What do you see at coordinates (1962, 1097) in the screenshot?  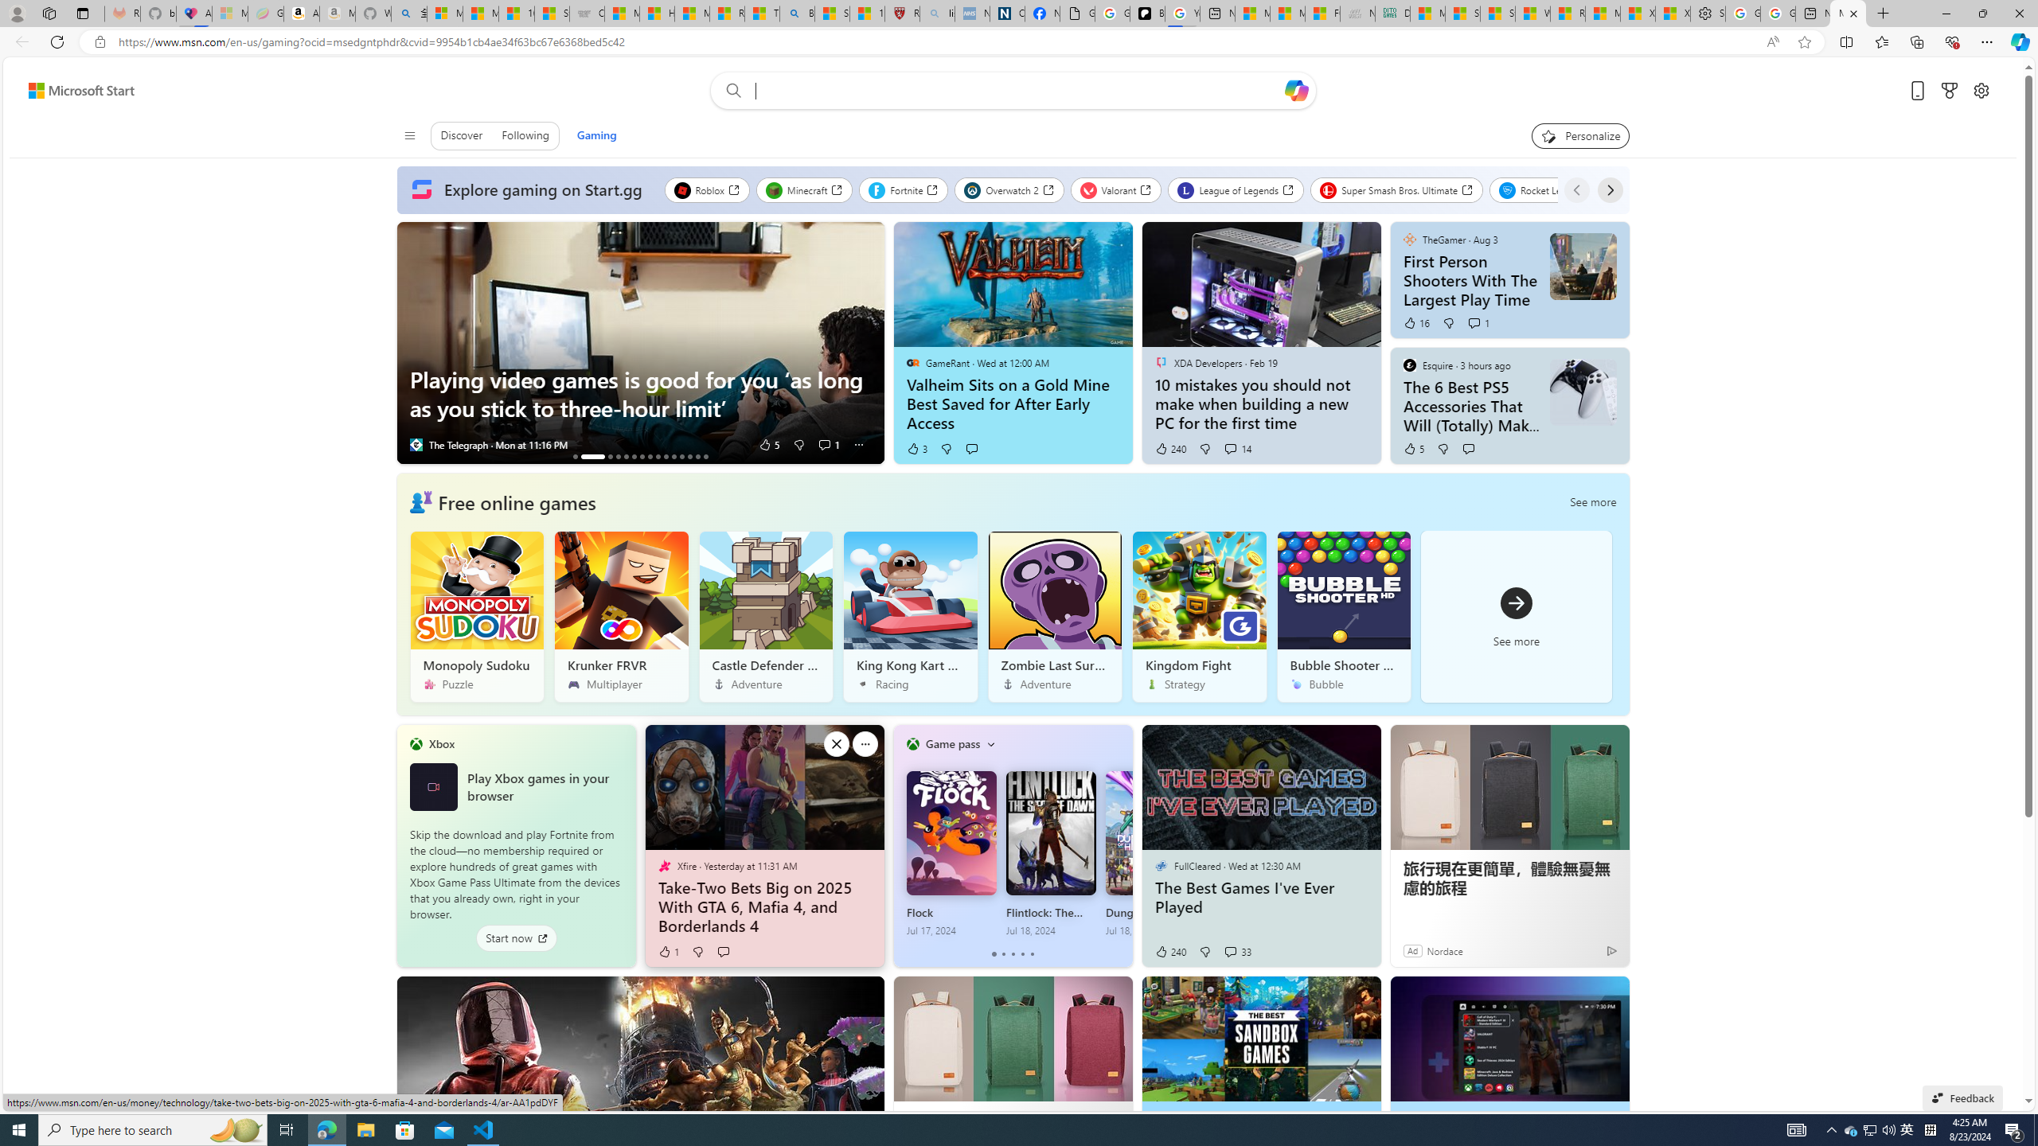 I see `'Feedback'` at bounding box center [1962, 1097].